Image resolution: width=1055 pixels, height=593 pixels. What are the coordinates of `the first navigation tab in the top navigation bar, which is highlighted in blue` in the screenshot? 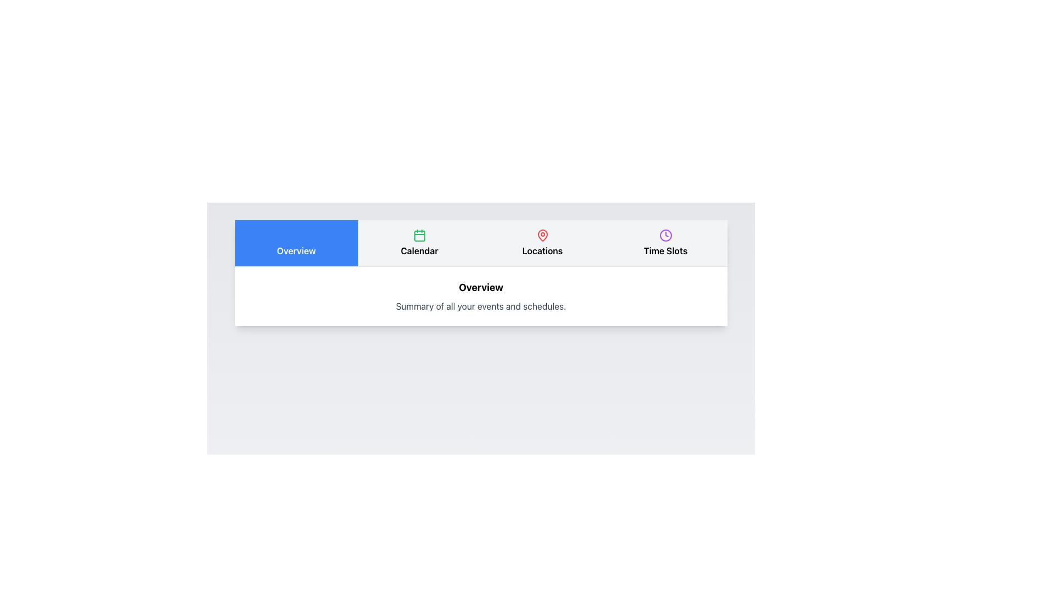 It's located at (296, 250).